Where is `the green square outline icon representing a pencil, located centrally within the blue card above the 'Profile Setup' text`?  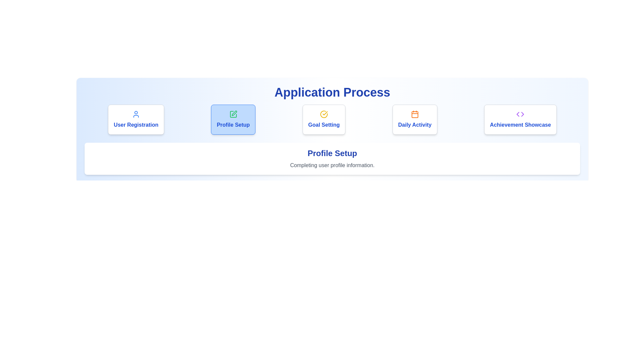 the green square outline icon representing a pencil, located centrally within the blue card above the 'Profile Setup' text is located at coordinates (233, 114).